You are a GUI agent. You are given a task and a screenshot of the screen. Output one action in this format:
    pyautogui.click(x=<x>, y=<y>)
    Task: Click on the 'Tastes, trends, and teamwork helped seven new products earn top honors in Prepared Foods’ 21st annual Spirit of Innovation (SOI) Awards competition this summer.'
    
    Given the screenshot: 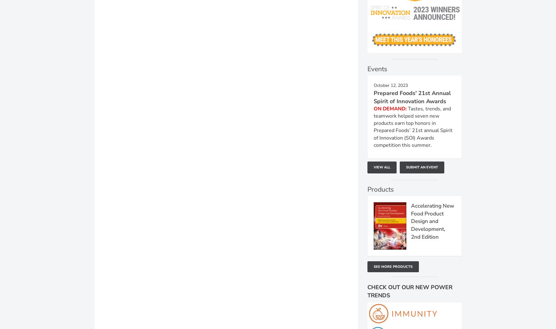 What is the action you would take?
    pyautogui.click(x=413, y=126)
    